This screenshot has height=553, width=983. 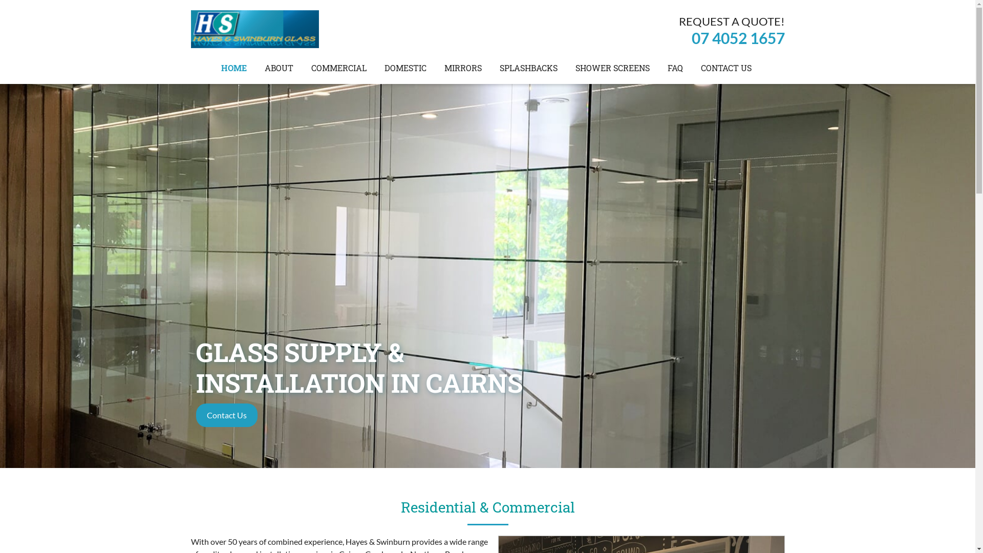 I want to click on 'SPLASHBACKS', so click(x=528, y=68).